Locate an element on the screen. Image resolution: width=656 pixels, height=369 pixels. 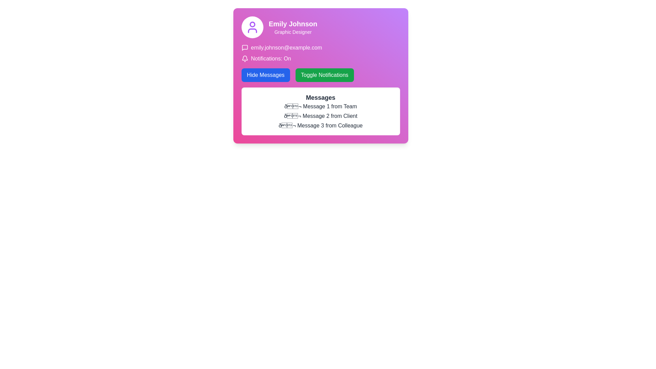
the messaging icon that represents the user's email, positioned directly above 'emily.johnson@example.com' is located at coordinates (245, 47).